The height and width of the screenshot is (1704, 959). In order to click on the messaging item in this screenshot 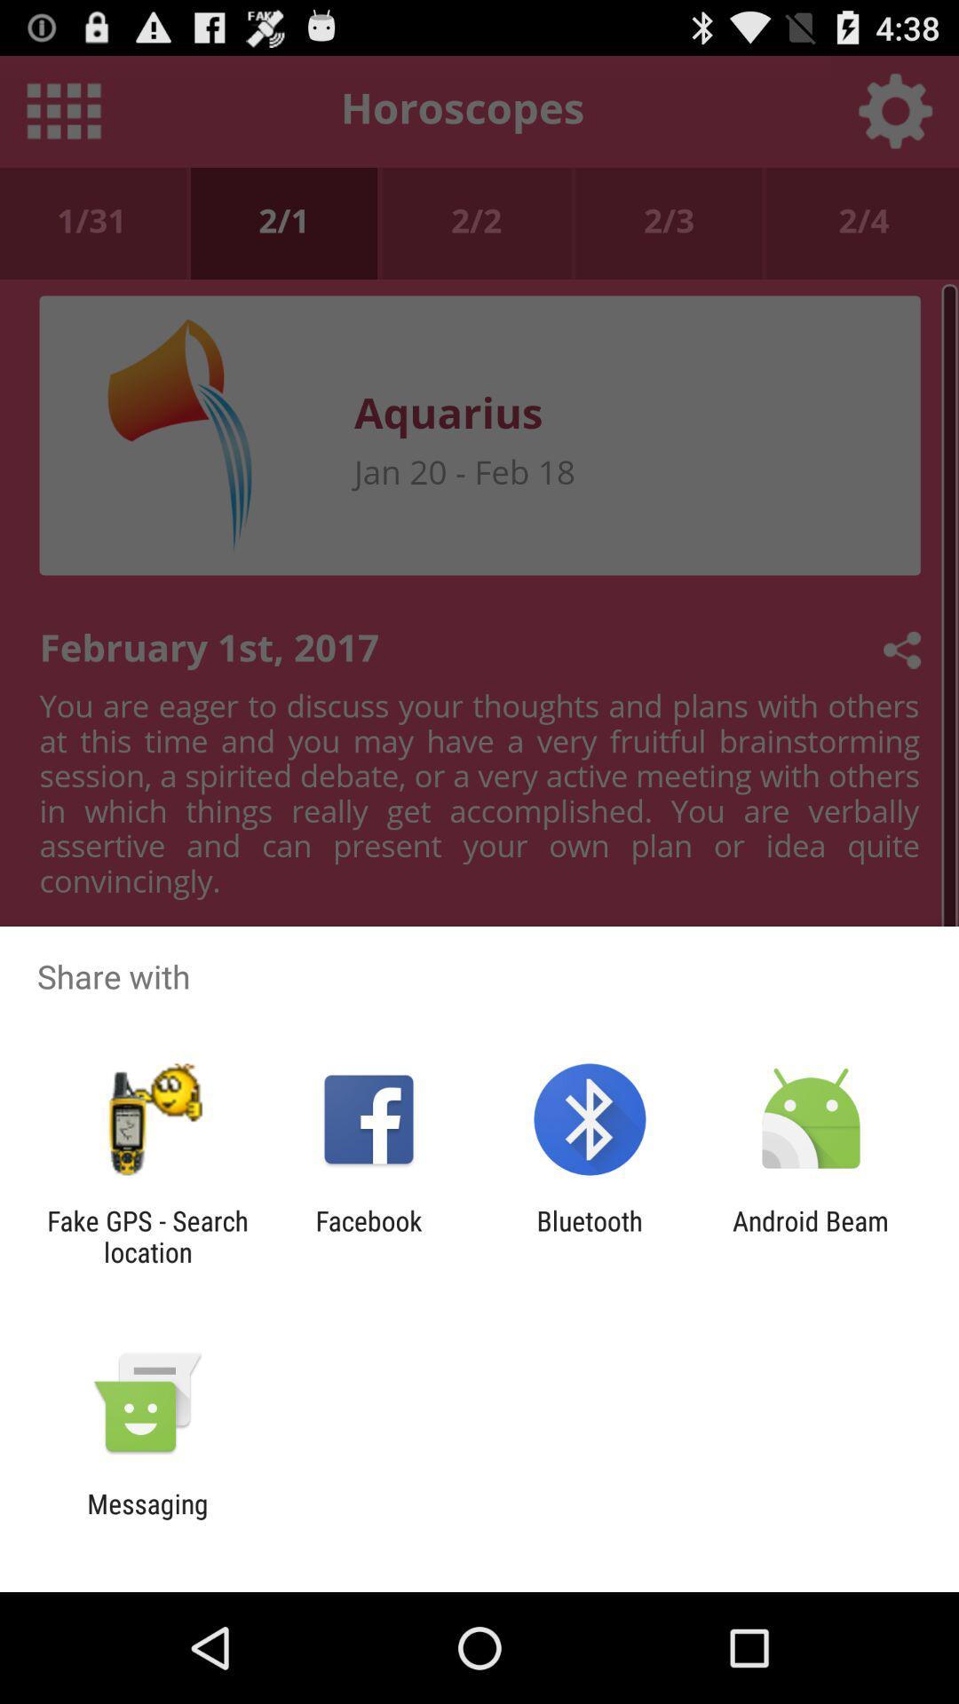, I will do `click(147, 1519)`.